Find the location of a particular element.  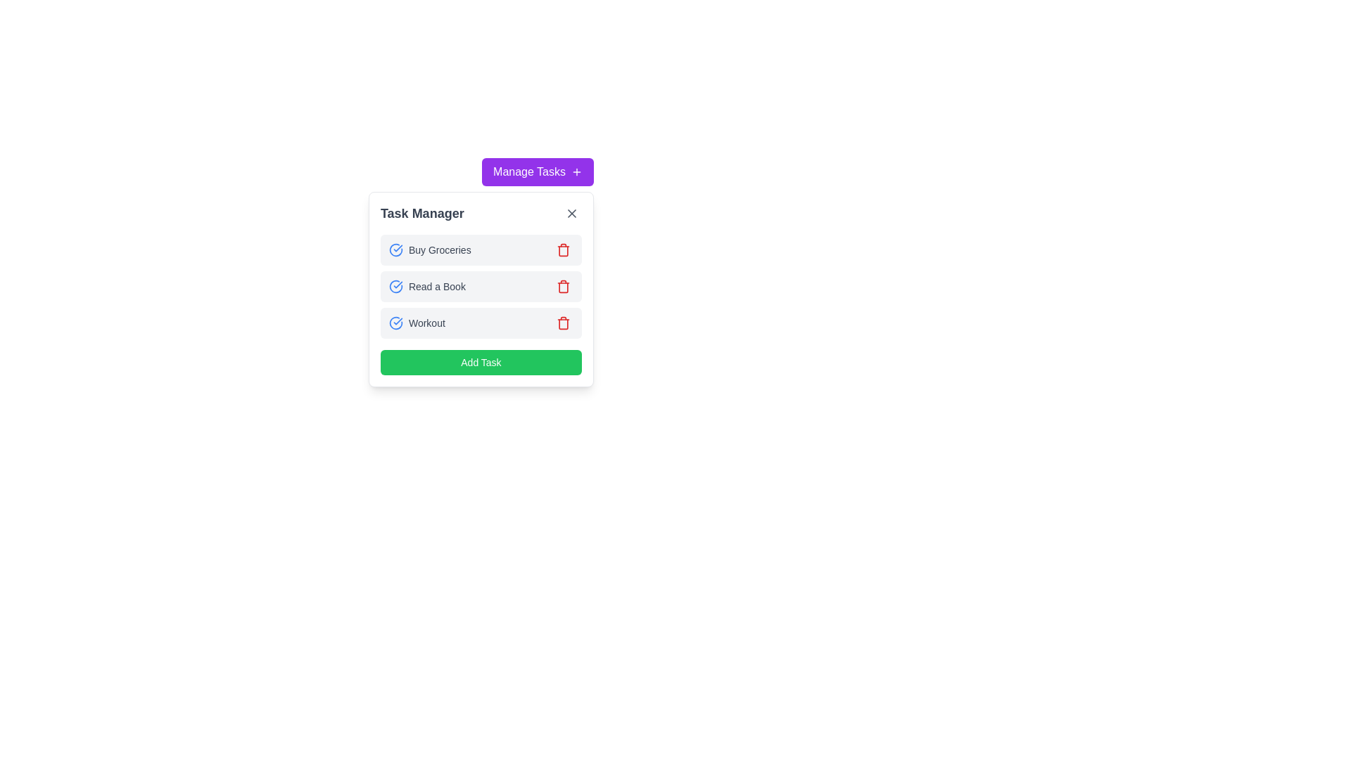

the delete button located to the right of the task 'Read a Book' is located at coordinates (564, 286).